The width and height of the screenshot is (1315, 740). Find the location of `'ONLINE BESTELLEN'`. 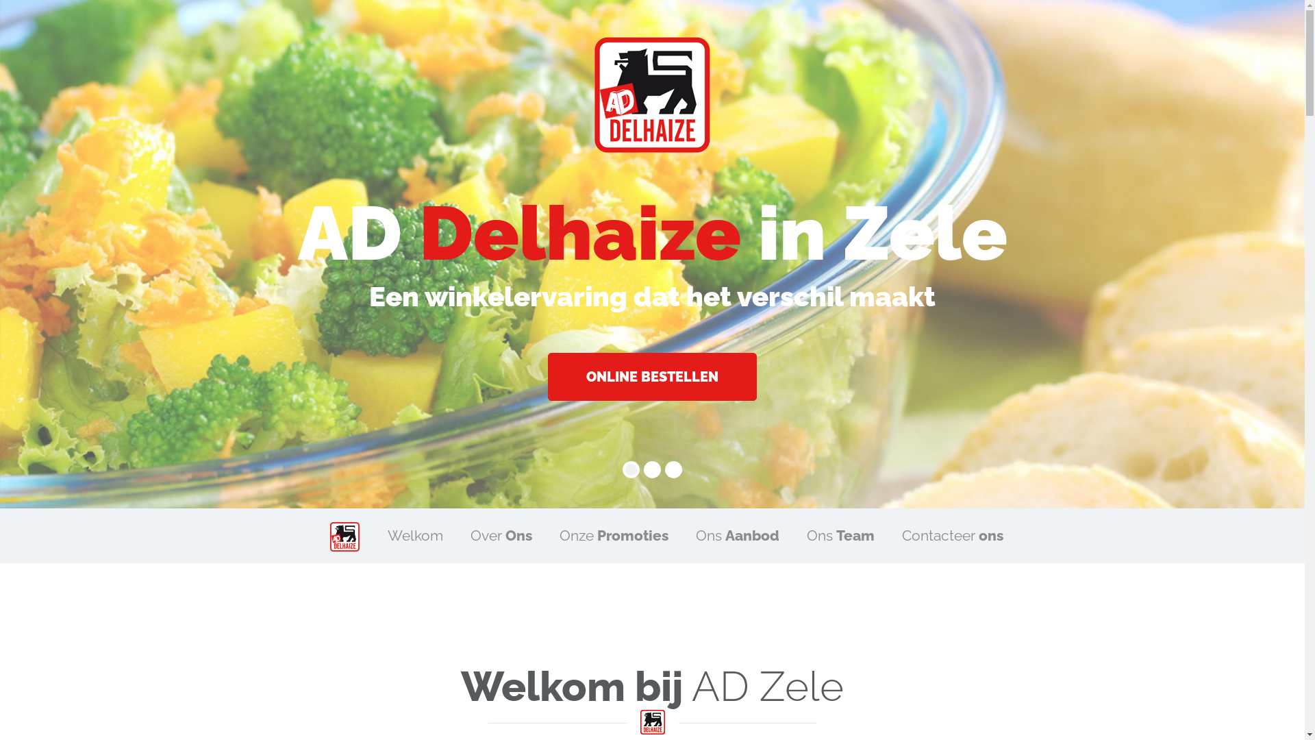

'ONLINE BESTELLEN' is located at coordinates (651, 377).